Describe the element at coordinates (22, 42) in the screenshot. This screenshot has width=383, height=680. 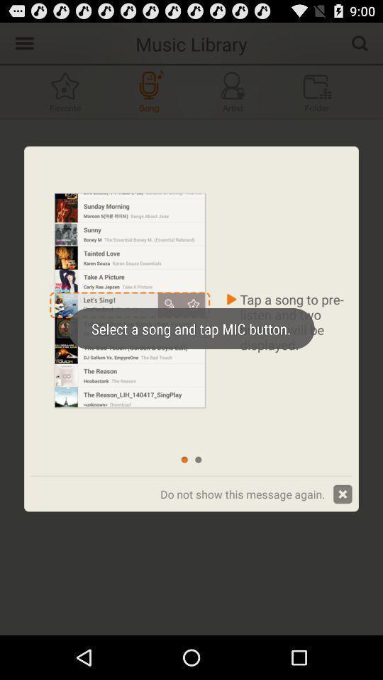
I see `menu option` at that location.